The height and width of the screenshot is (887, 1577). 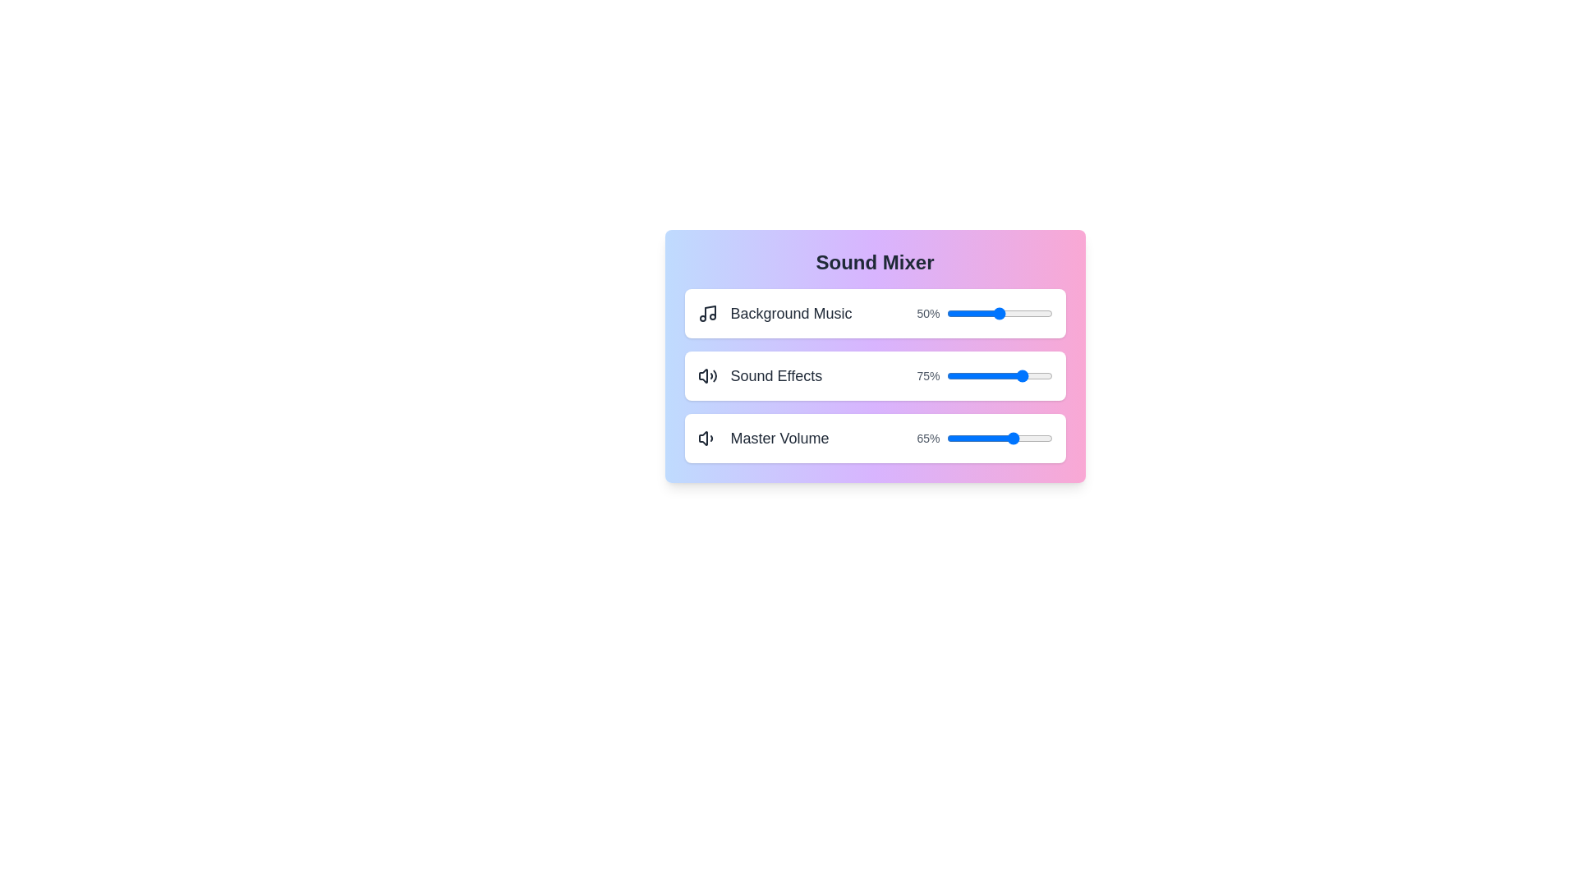 I want to click on the header text labeled 'Sound Mixer' to focus on it, so click(x=874, y=262).